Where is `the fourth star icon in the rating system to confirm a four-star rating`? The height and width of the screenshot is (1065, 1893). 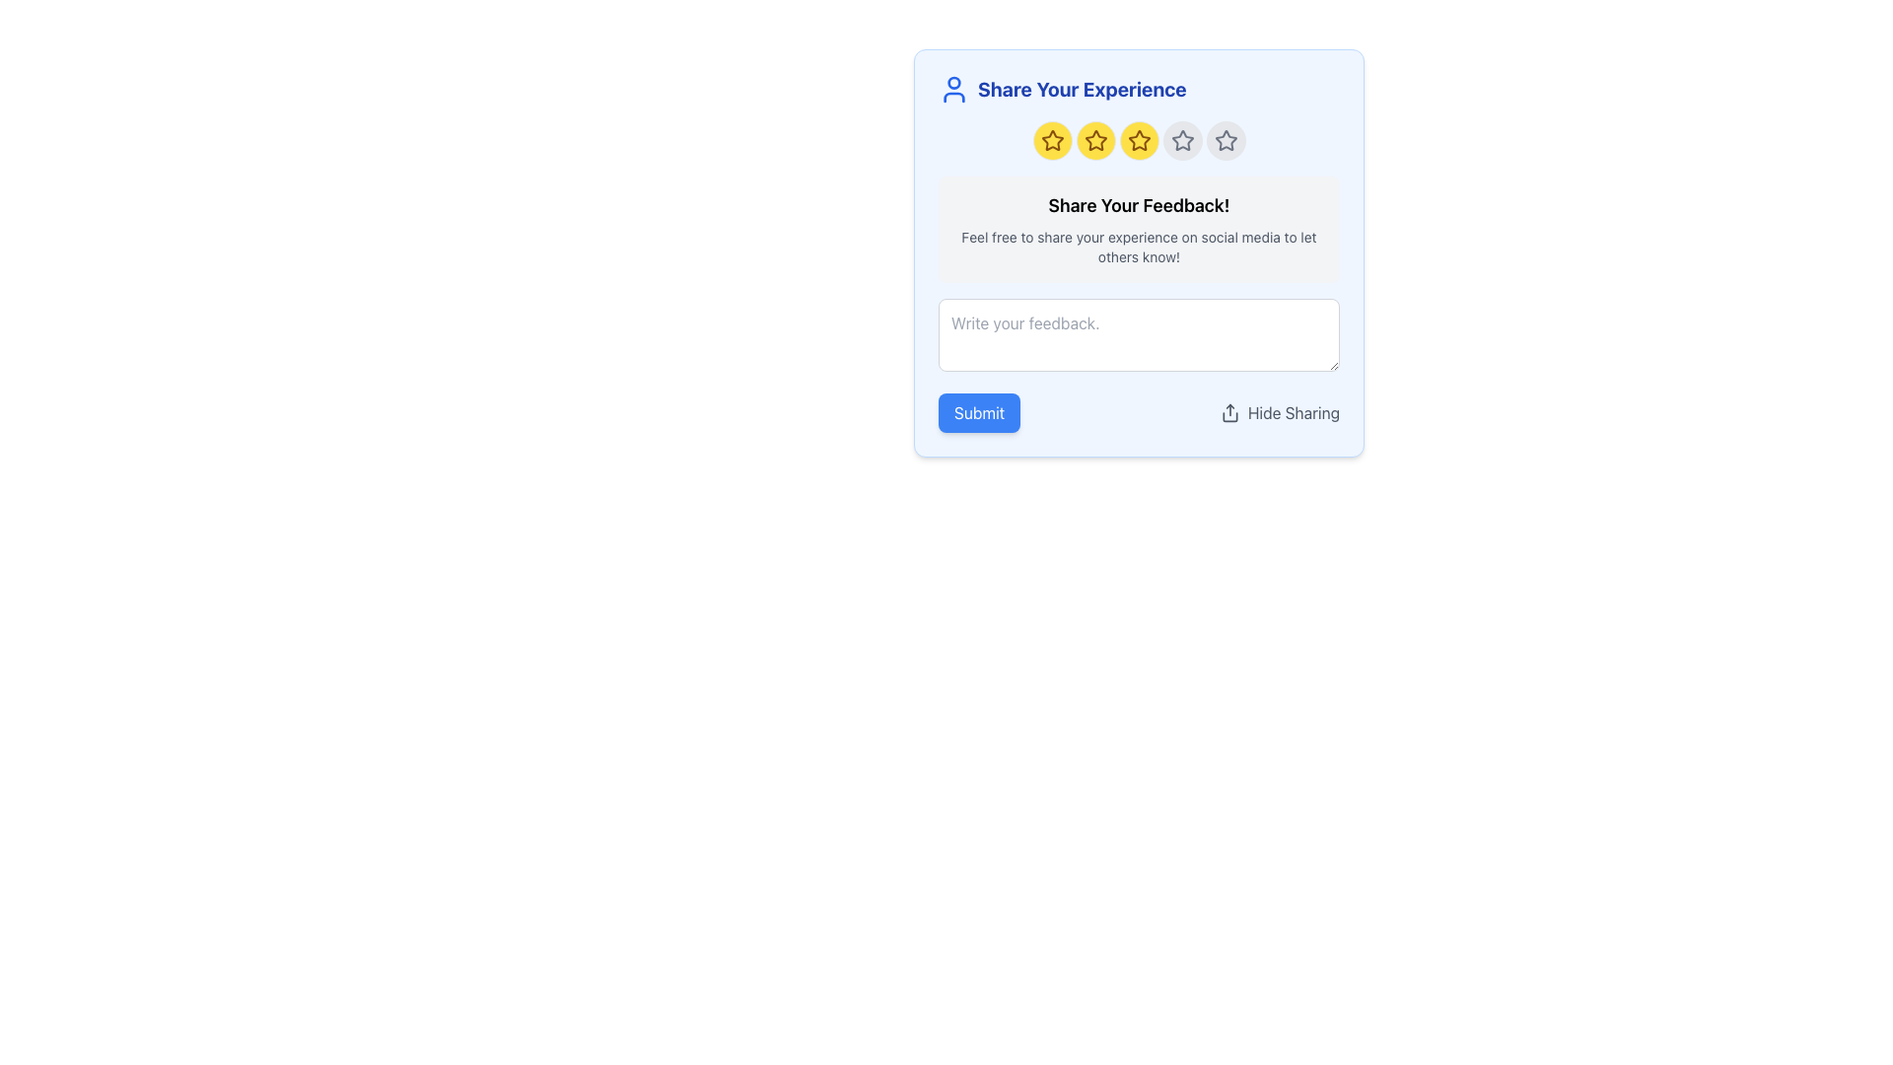 the fourth star icon in the rating system to confirm a four-star rating is located at coordinates (1182, 139).